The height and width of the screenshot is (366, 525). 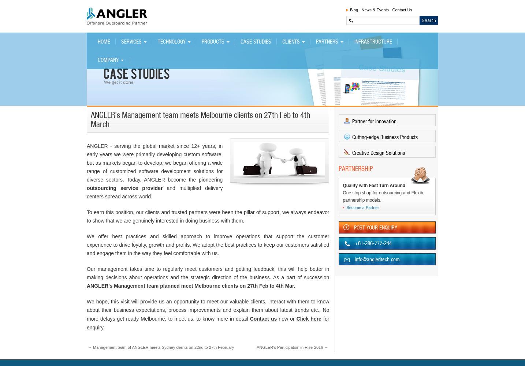 What do you see at coordinates (208, 323) in the screenshot?
I see `'for enquiry.'` at bounding box center [208, 323].